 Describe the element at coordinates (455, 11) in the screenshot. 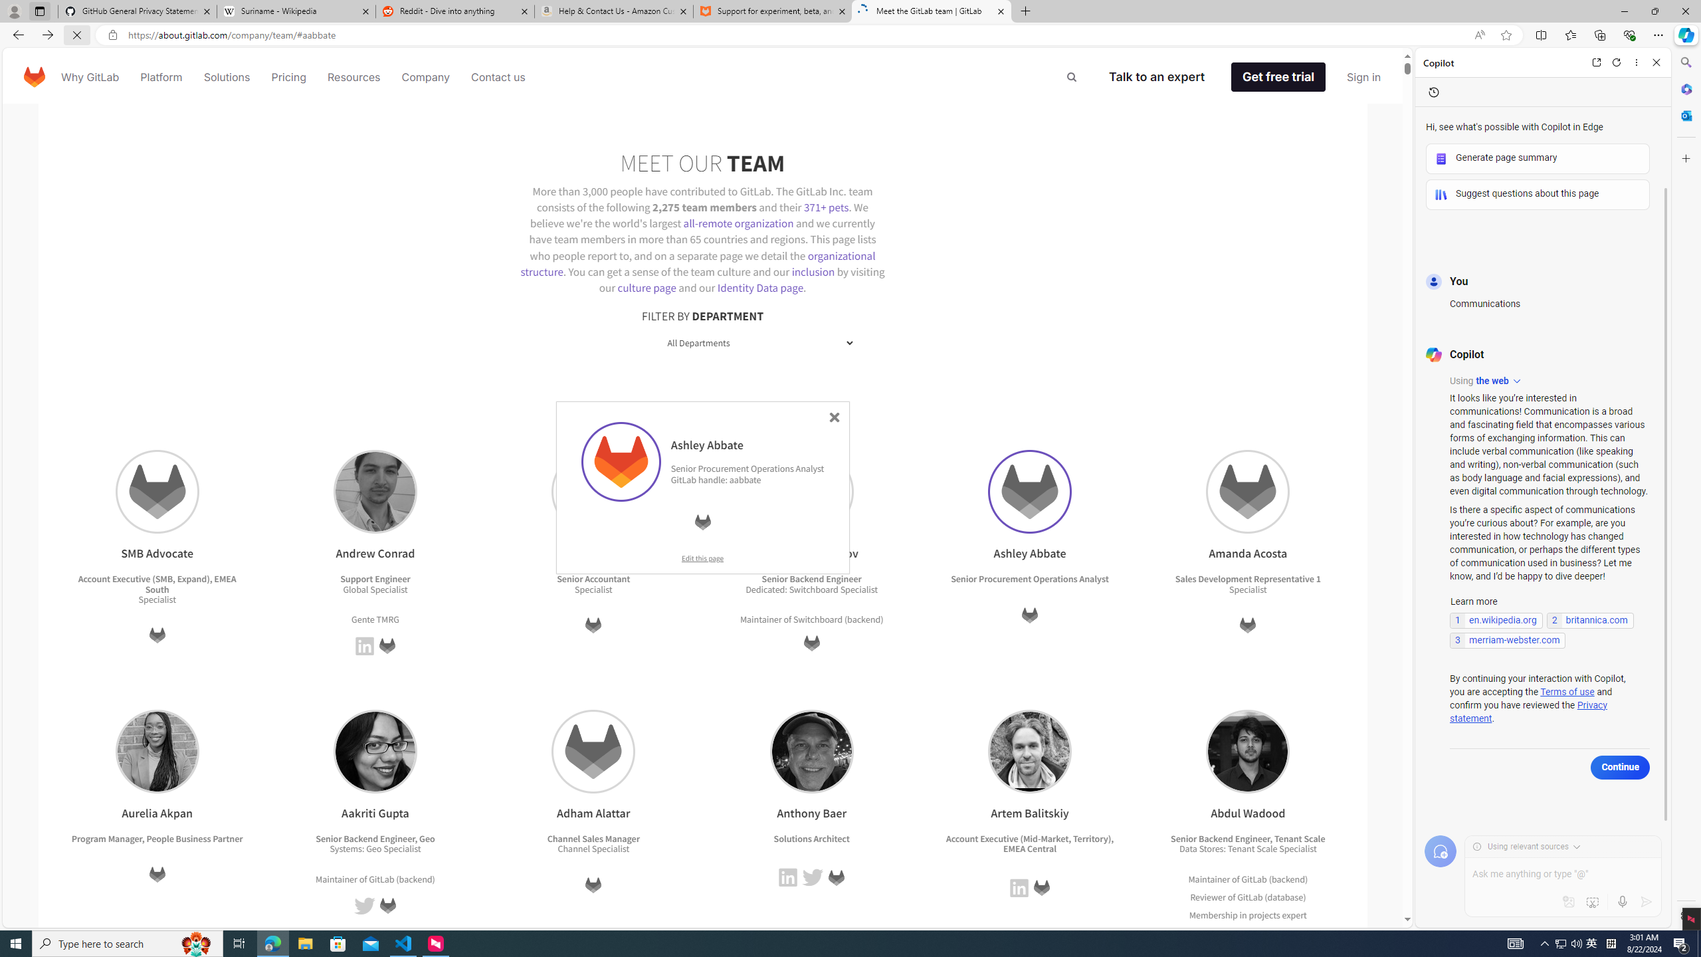

I see `'Reddit - Dive into anything'` at that location.